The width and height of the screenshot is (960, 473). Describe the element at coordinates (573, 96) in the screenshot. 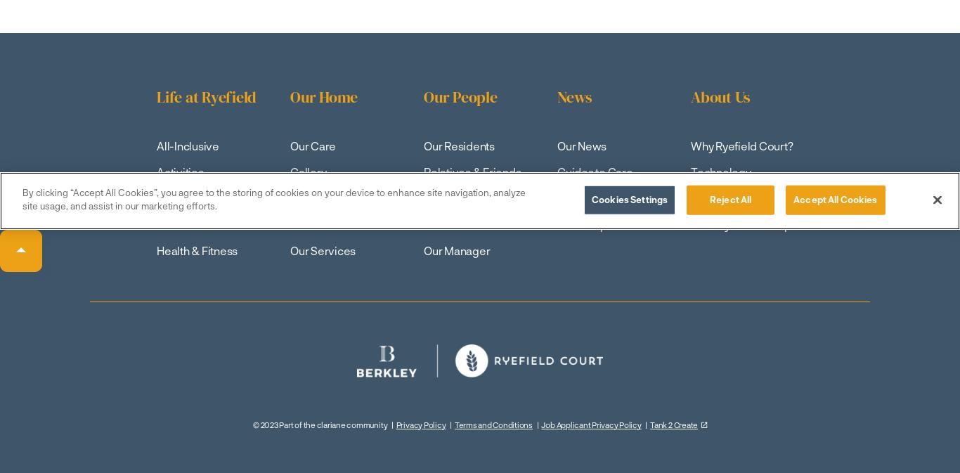

I see `'News'` at that location.